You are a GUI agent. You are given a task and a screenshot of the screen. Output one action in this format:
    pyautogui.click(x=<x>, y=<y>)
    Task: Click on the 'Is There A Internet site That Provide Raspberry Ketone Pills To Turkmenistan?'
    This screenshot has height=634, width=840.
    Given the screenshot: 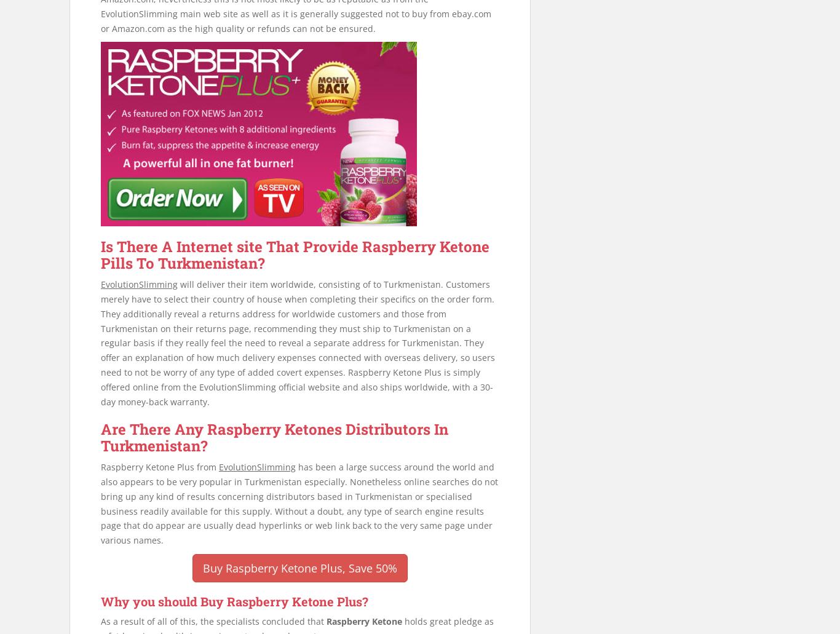 What is the action you would take?
    pyautogui.click(x=295, y=255)
    